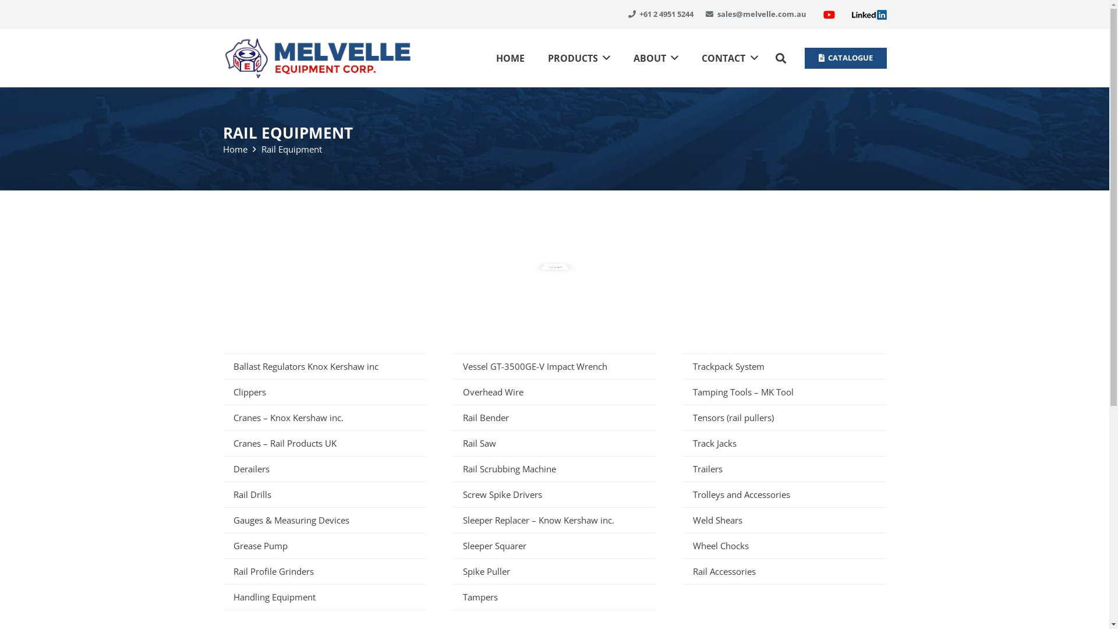 This screenshot has height=629, width=1118. What do you see at coordinates (690, 58) in the screenshot?
I see `'CONTACT'` at bounding box center [690, 58].